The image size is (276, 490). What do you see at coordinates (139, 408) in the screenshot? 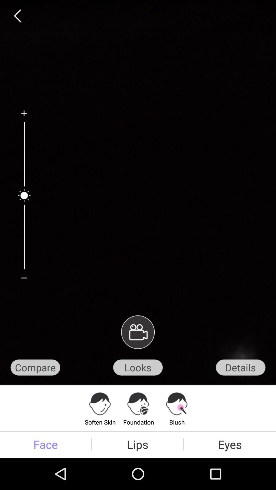
I see `the foundation button on the page` at bounding box center [139, 408].